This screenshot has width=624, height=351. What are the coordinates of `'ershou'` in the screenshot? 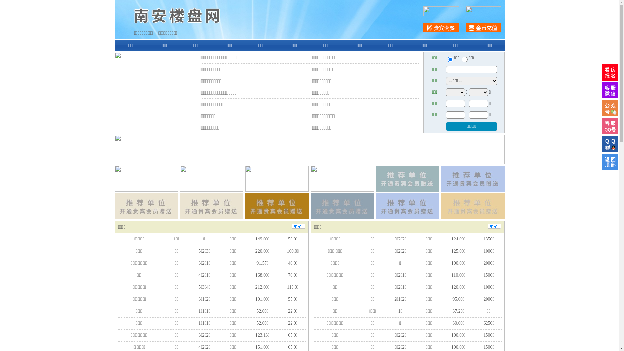 It's located at (450, 59).